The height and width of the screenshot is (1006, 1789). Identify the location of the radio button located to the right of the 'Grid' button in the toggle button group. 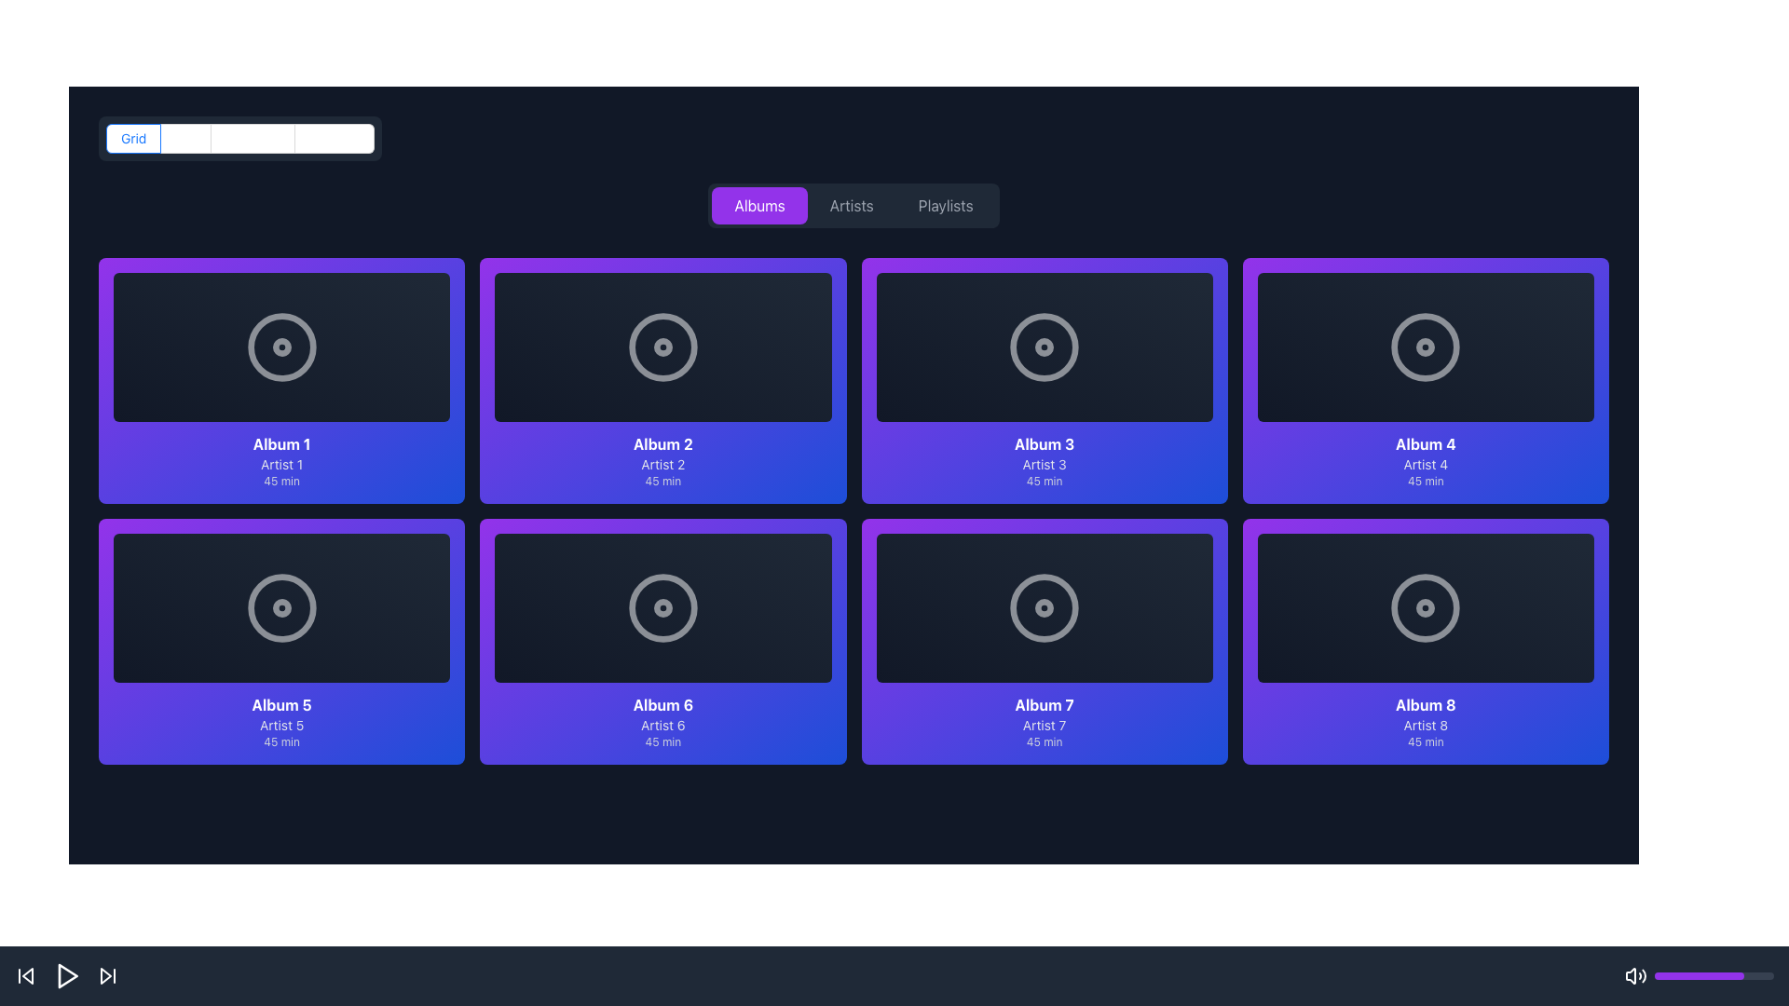
(252, 138).